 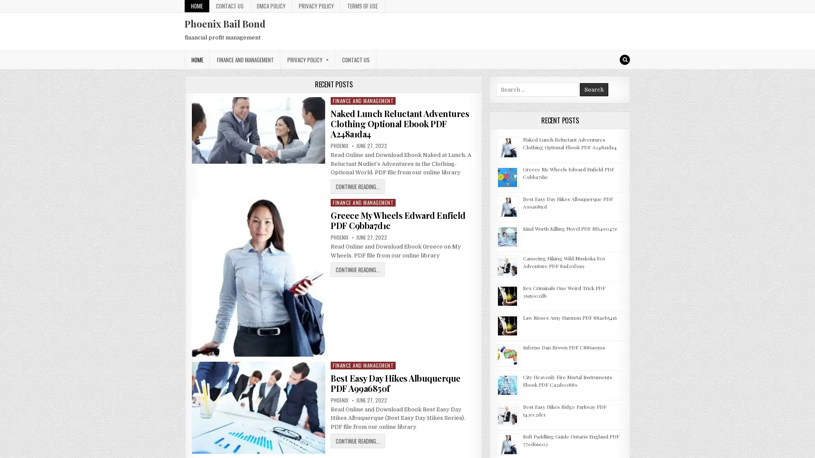 What do you see at coordinates (593, 89) in the screenshot?
I see `Search` at bounding box center [593, 89].